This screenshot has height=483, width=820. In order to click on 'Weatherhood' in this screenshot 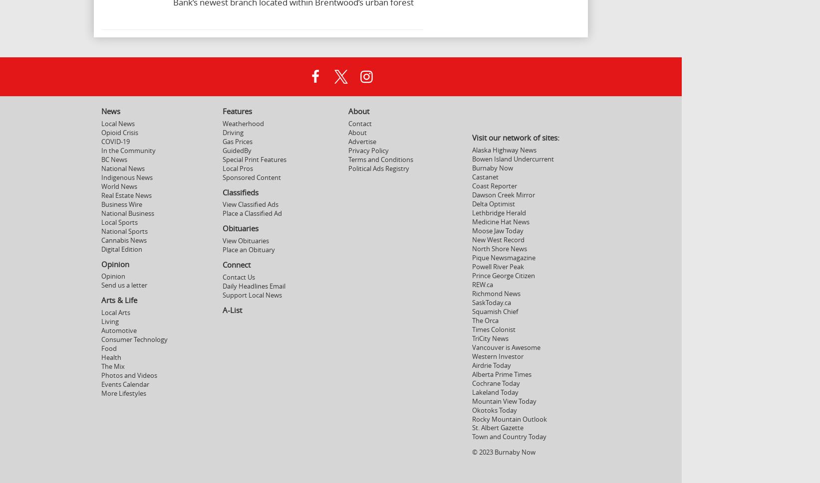, I will do `click(242, 123)`.